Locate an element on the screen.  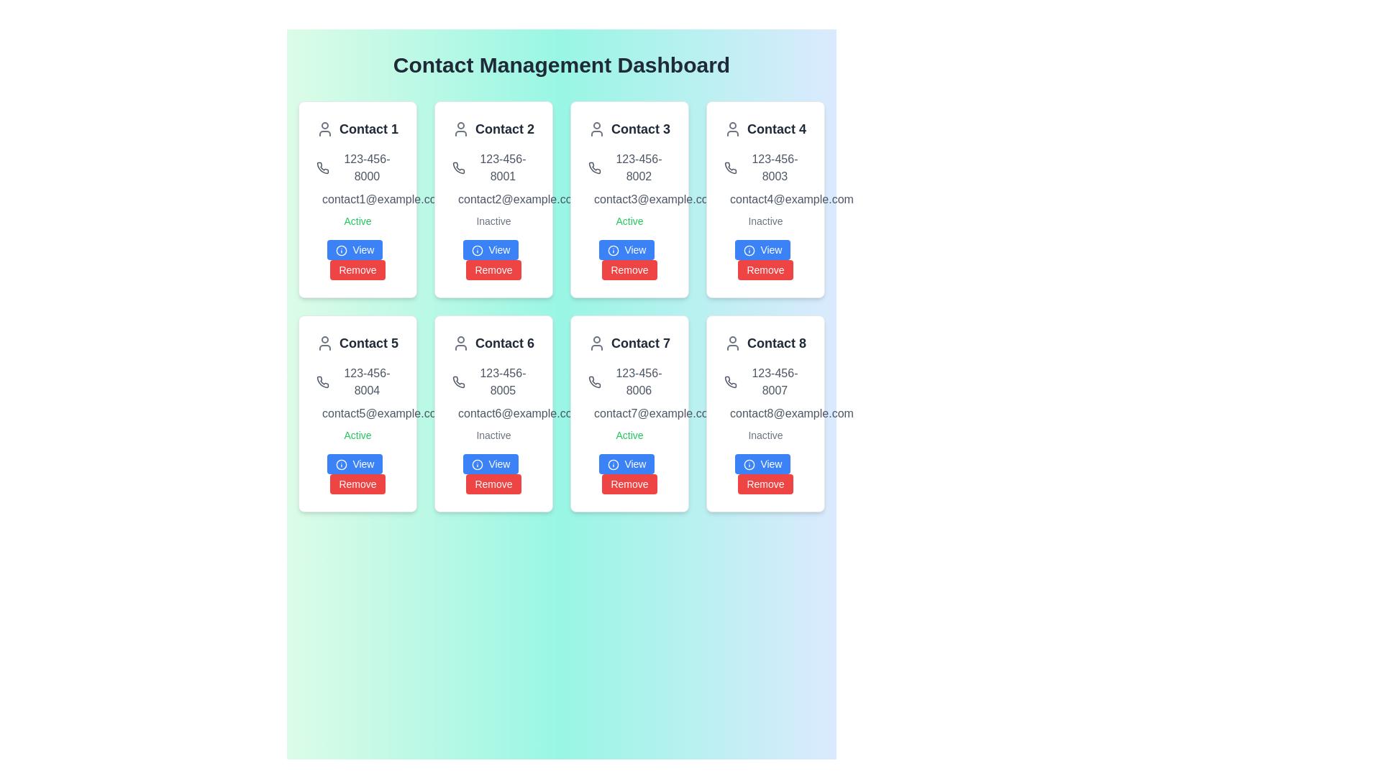
the static text header at the top-center of the dashboard interface, which serves as the title for the page is located at coordinates (561, 65).